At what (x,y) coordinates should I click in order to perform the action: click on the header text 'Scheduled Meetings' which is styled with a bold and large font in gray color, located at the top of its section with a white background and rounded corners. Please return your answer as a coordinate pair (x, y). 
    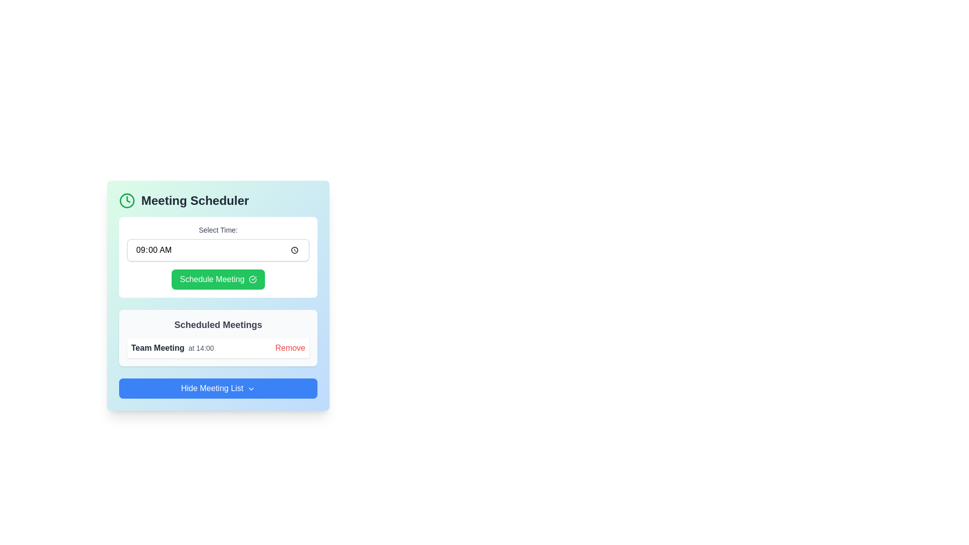
    Looking at the image, I should click on (218, 325).